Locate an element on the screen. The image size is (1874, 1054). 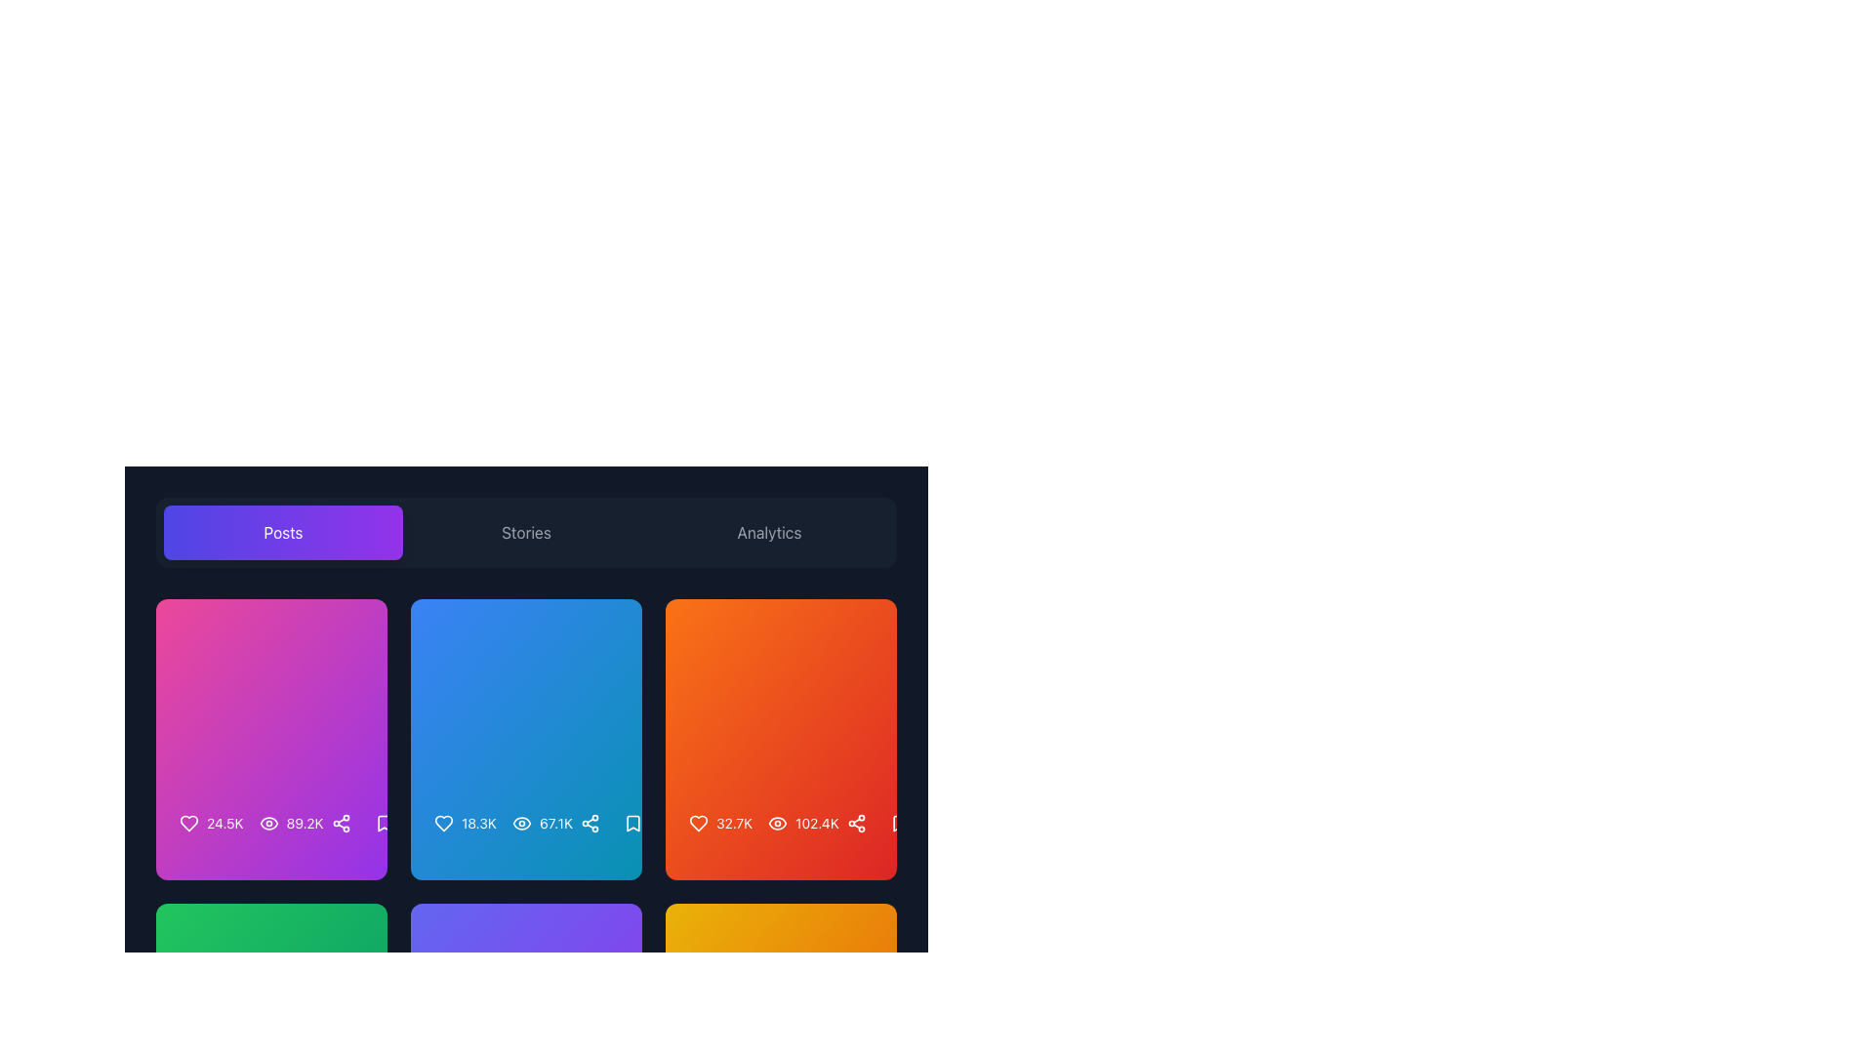
the text label displaying '24.5K' in white color, located in the bottom-left region of the purple-pink gradient card, next to a heart icon and a numerical view count is located at coordinates (224, 824).